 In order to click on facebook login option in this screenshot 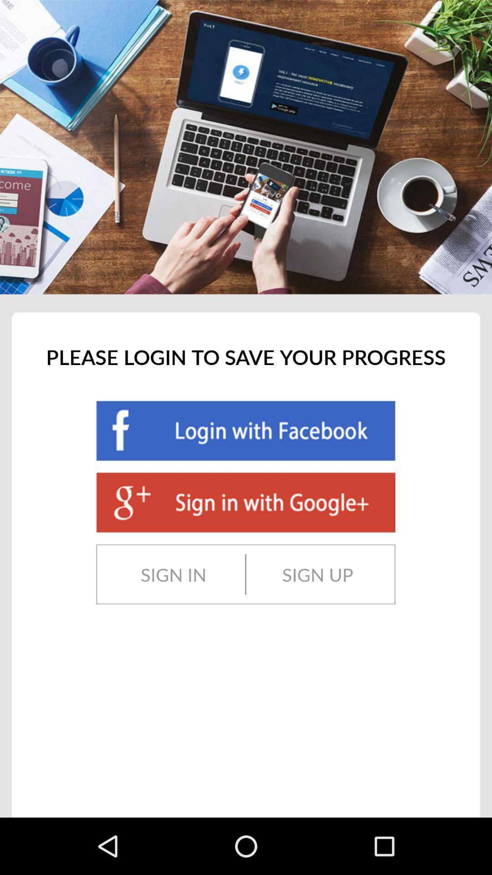, I will do `click(245, 430)`.